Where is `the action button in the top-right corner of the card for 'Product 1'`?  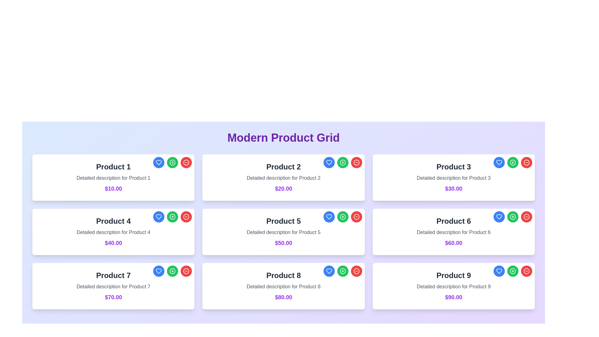
the action button in the top-right corner of the card for 'Product 1' is located at coordinates (173, 162).